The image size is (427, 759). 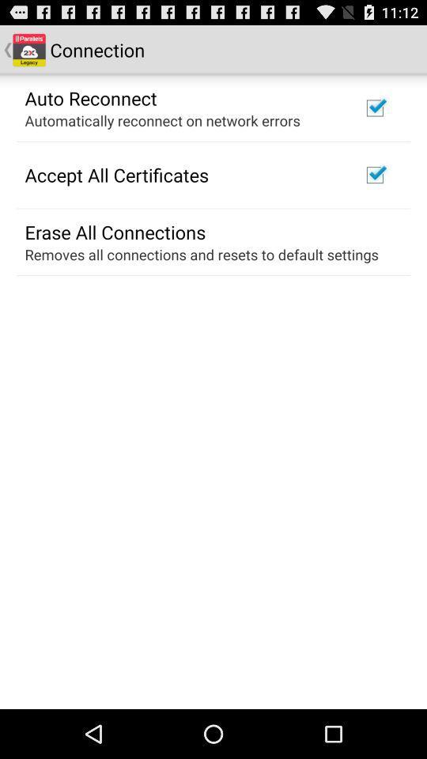 What do you see at coordinates (161, 119) in the screenshot?
I see `the item at the top` at bounding box center [161, 119].